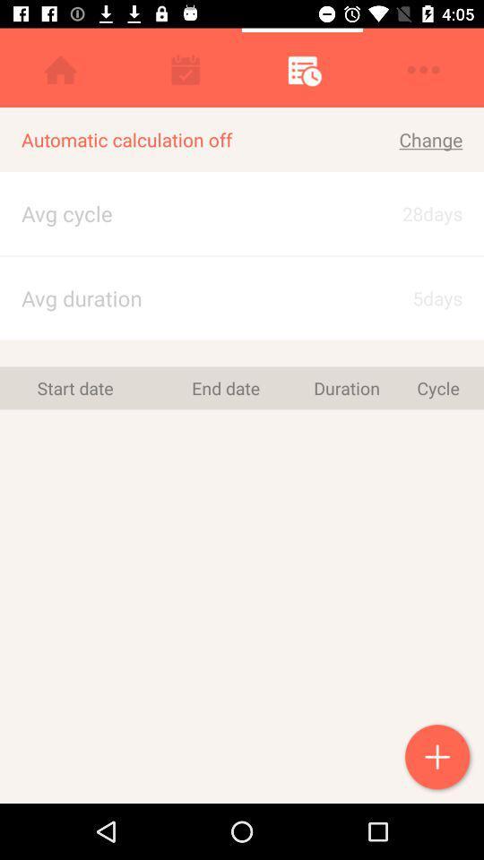 The image size is (484, 860). What do you see at coordinates (409, 139) in the screenshot?
I see `the item to the right of the automatic calculation off item` at bounding box center [409, 139].